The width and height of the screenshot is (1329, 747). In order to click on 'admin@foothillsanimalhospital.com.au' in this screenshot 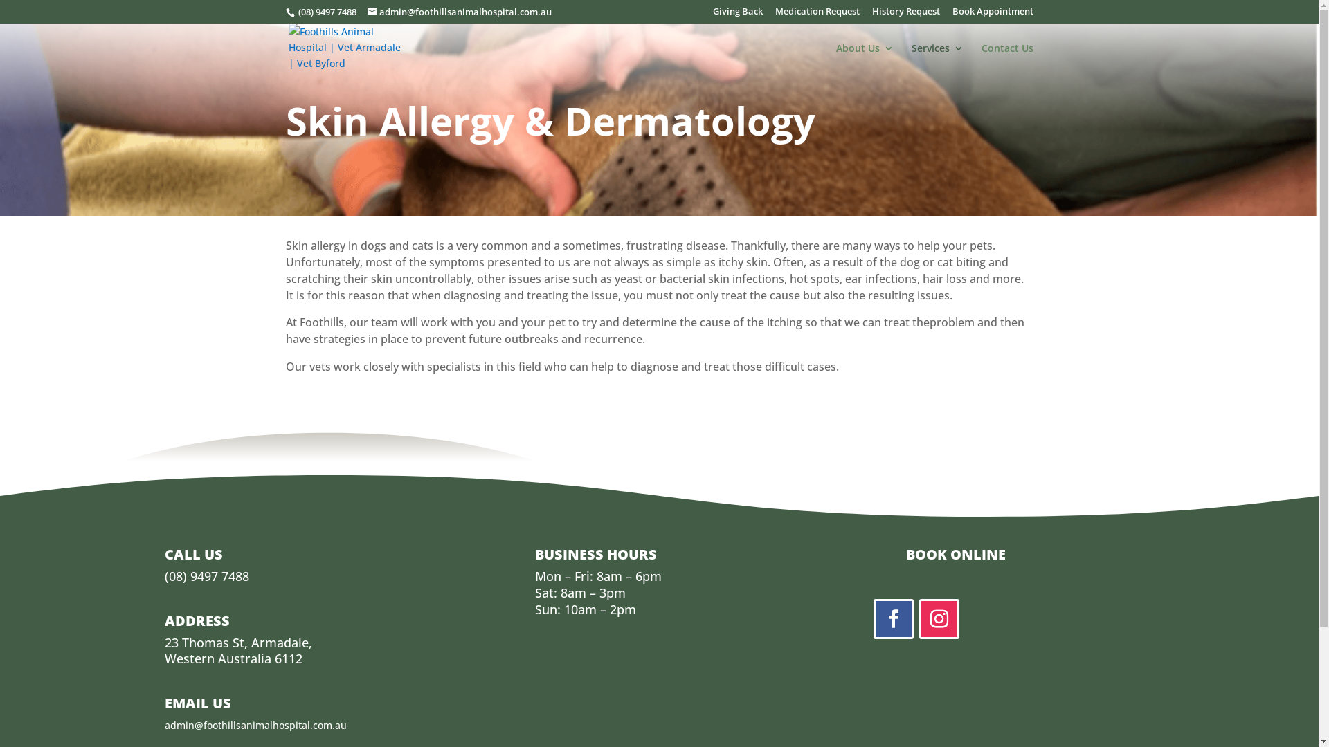, I will do `click(366, 11)`.